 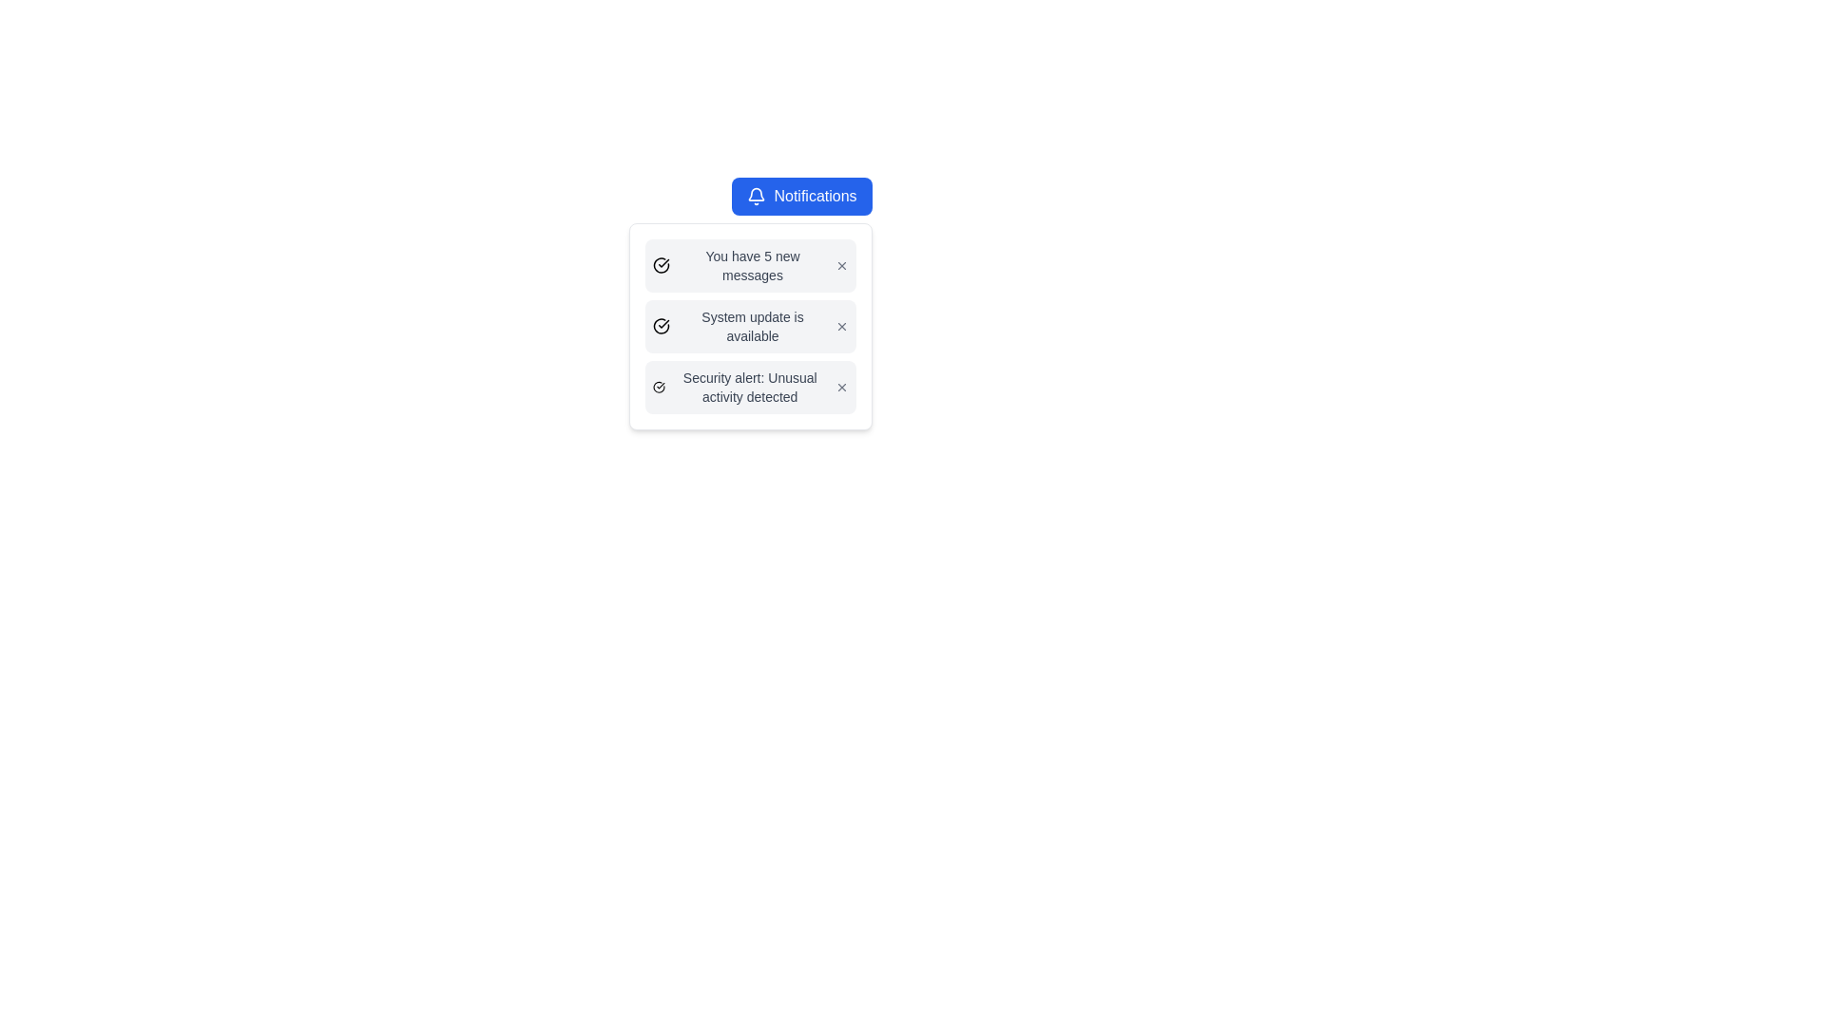 I want to click on the close button located to the right of the 'Security alert: Unusual activity detected' text, so click(x=840, y=387).